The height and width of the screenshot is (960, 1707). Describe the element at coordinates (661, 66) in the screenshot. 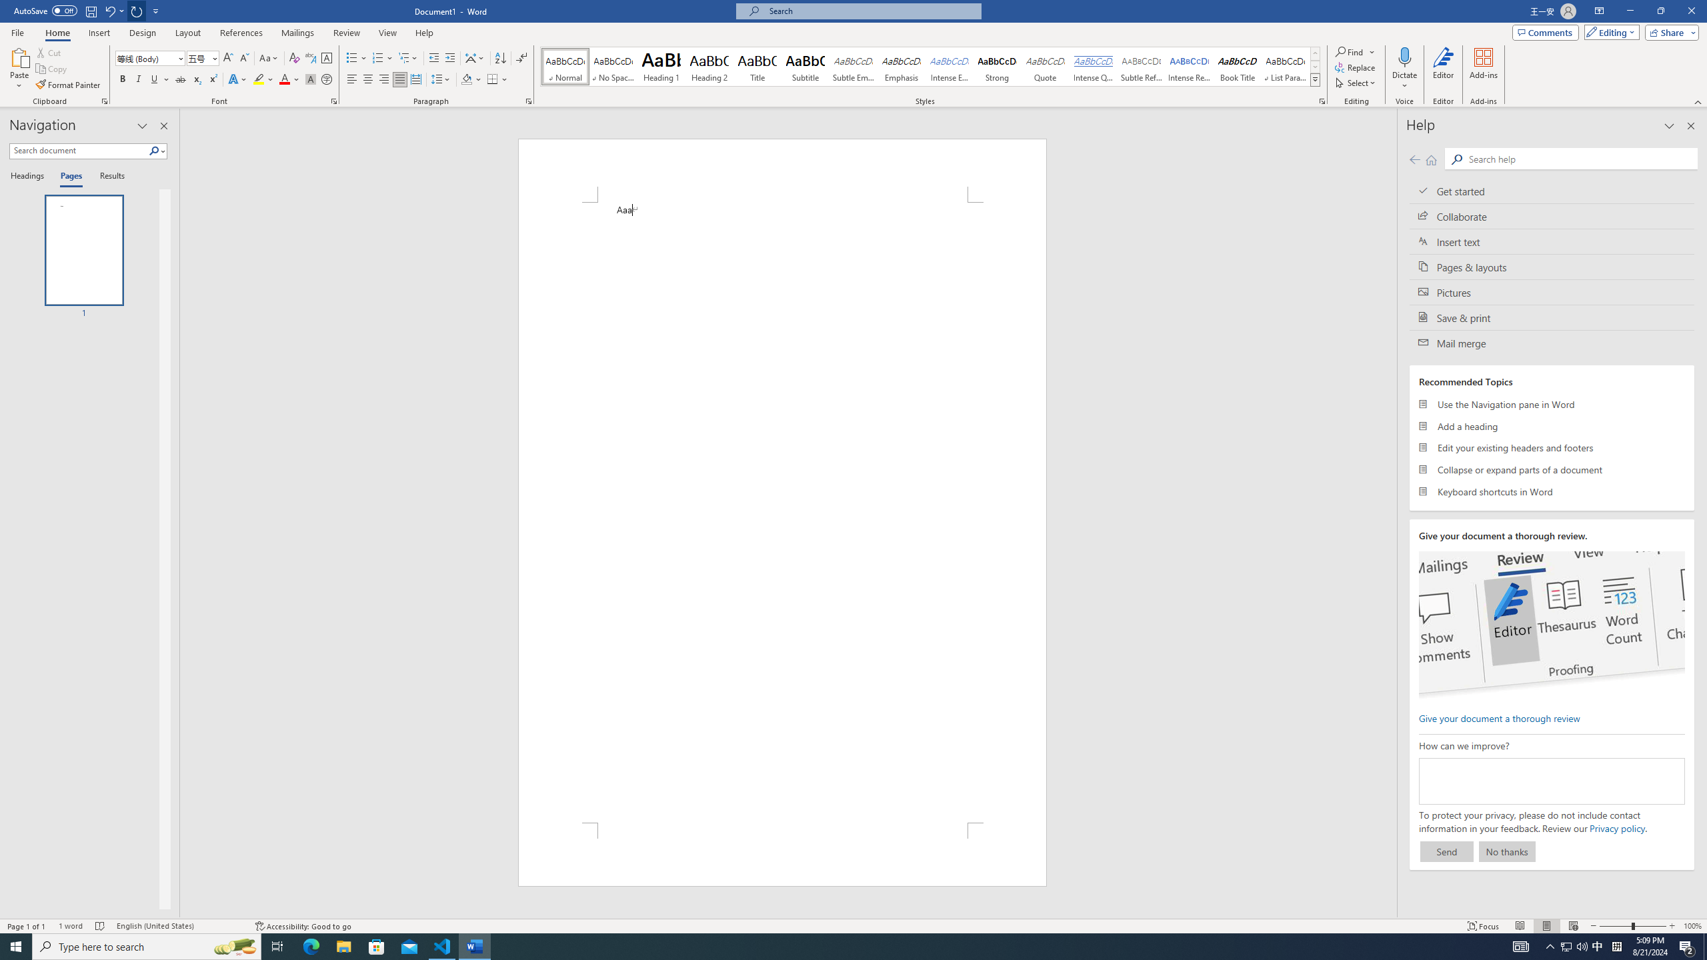

I see `'Heading 1'` at that location.